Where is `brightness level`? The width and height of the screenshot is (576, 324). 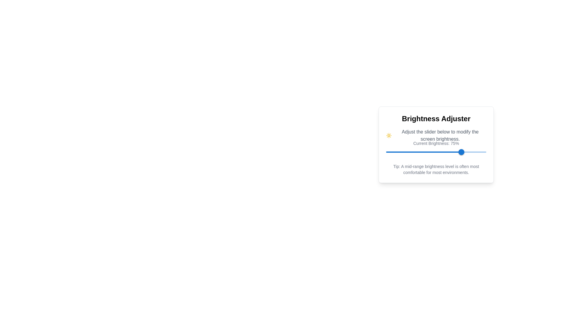
brightness level is located at coordinates (438, 151).